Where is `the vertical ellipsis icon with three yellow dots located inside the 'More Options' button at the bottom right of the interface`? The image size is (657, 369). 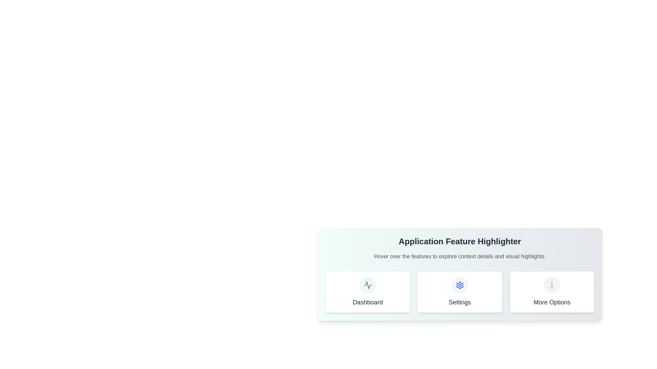 the vertical ellipsis icon with three yellow dots located inside the 'More Options' button at the bottom right of the interface is located at coordinates (552, 285).